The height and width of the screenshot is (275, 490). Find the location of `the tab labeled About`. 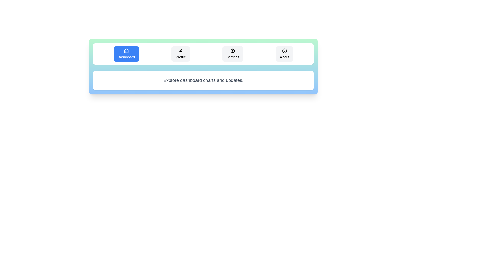

the tab labeled About is located at coordinates (284, 54).